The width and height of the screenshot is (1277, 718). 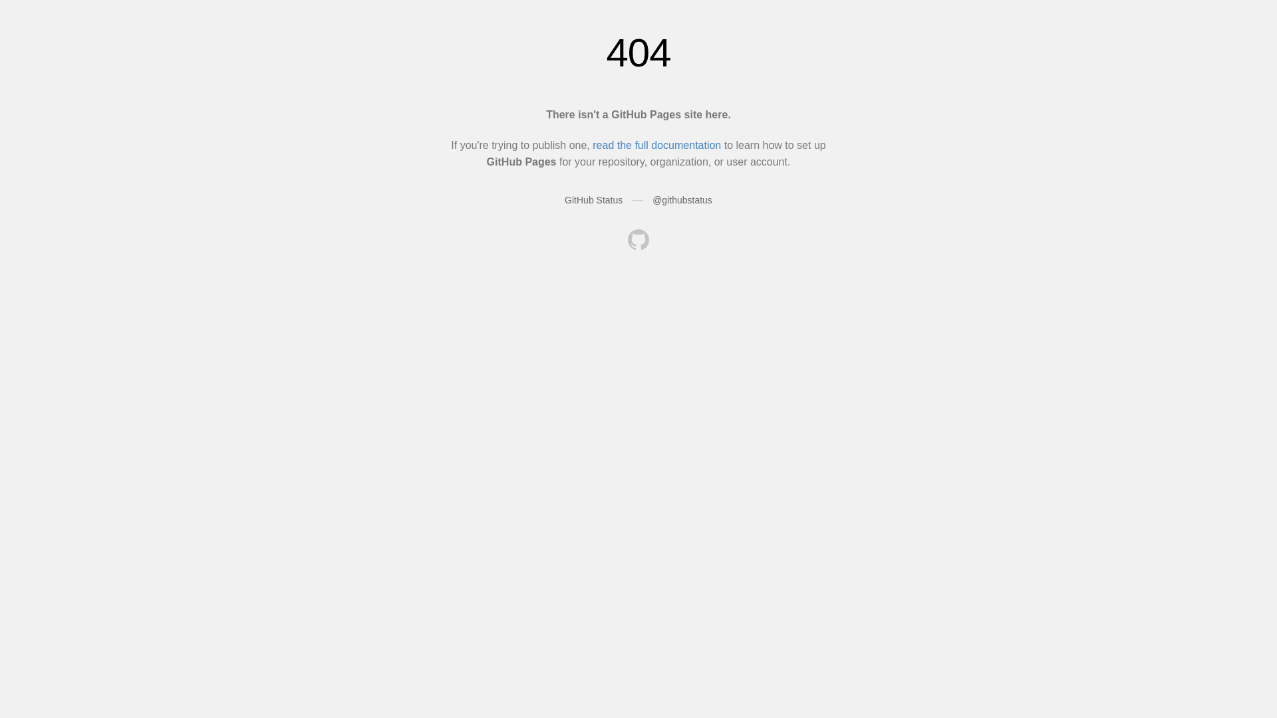 What do you see at coordinates (656, 145) in the screenshot?
I see `'read the full documentation'` at bounding box center [656, 145].